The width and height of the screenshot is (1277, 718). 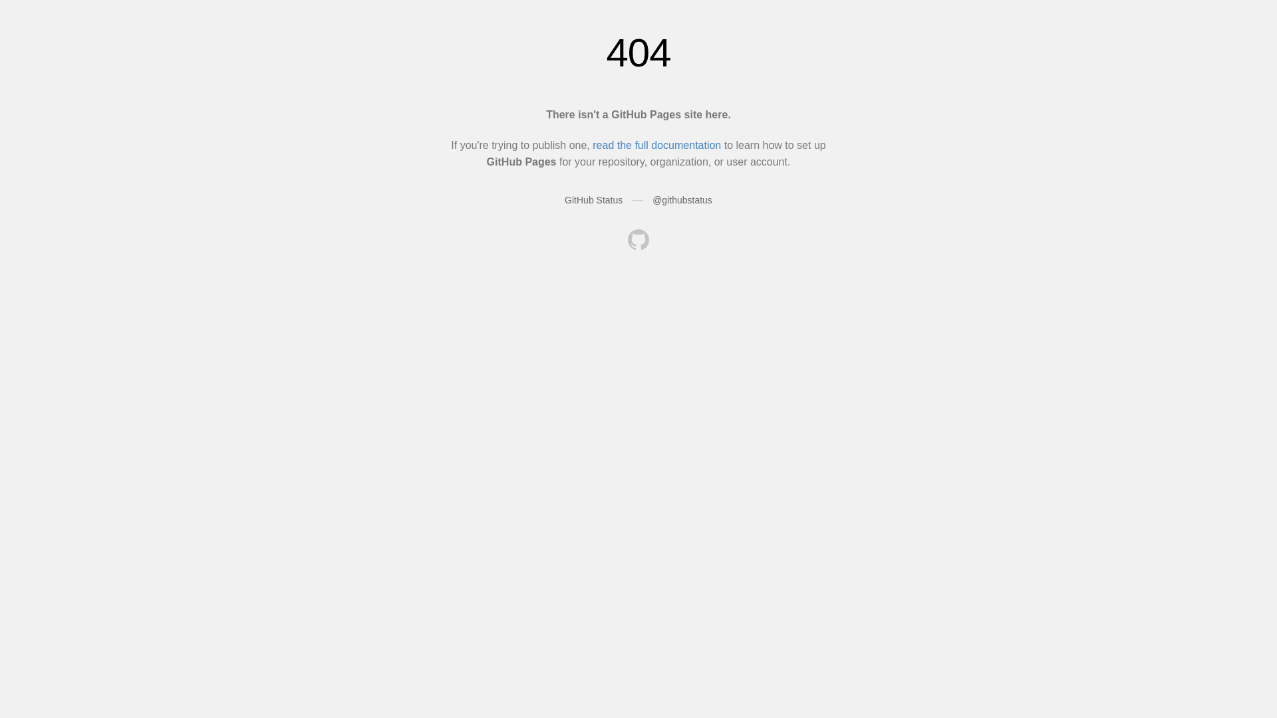 What do you see at coordinates (656, 145) in the screenshot?
I see `'read the full documentation'` at bounding box center [656, 145].